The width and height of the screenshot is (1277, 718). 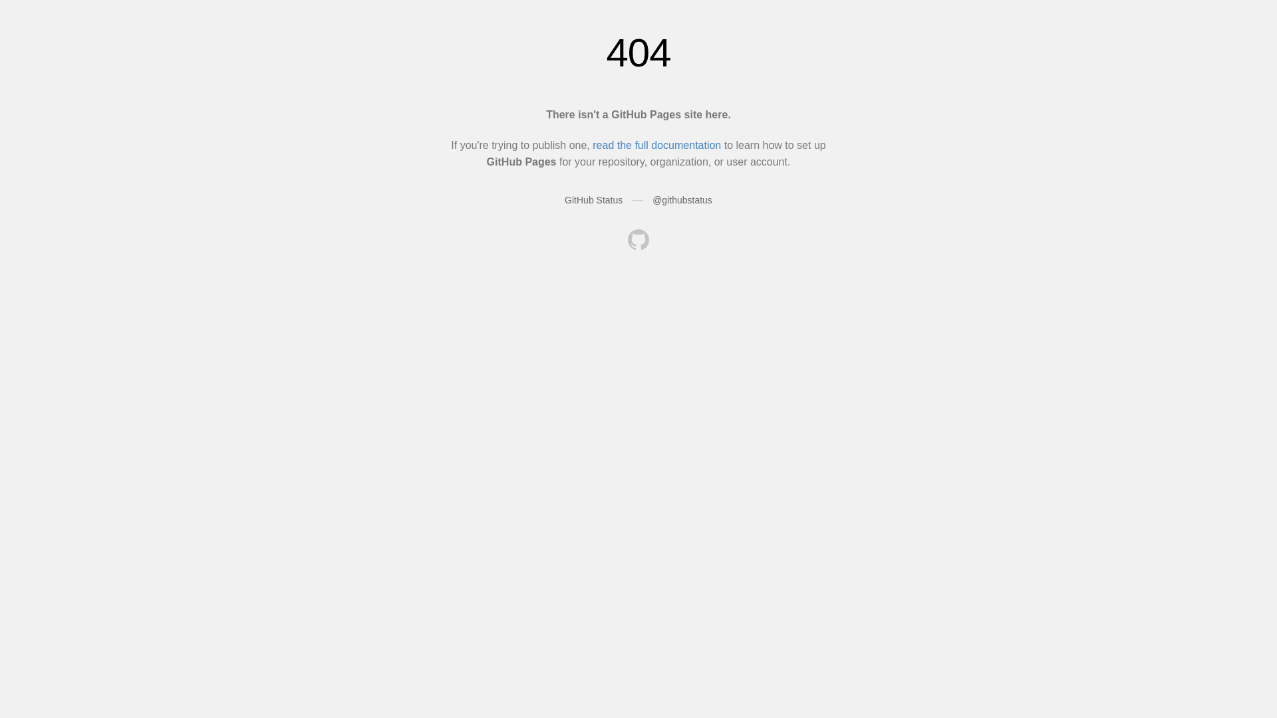 What do you see at coordinates (656, 145) in the screenshot?
I see `'read the full documentation'` at bounding box center [656, 145].